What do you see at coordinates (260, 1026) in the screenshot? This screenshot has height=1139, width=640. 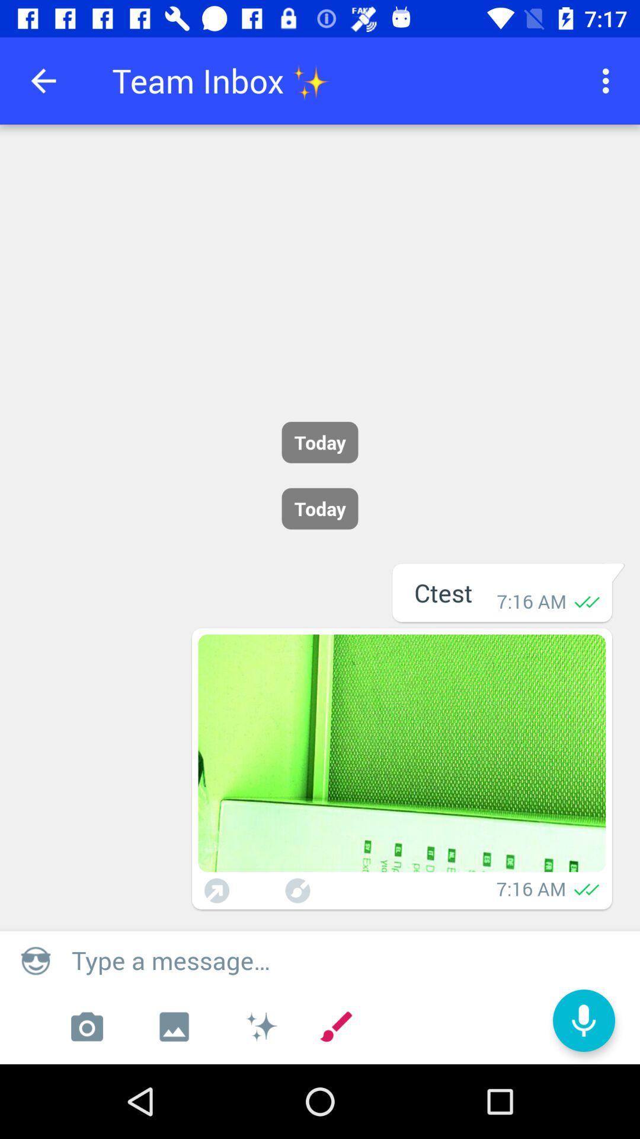 I see `emojis` at bounding box center [260, 1026].